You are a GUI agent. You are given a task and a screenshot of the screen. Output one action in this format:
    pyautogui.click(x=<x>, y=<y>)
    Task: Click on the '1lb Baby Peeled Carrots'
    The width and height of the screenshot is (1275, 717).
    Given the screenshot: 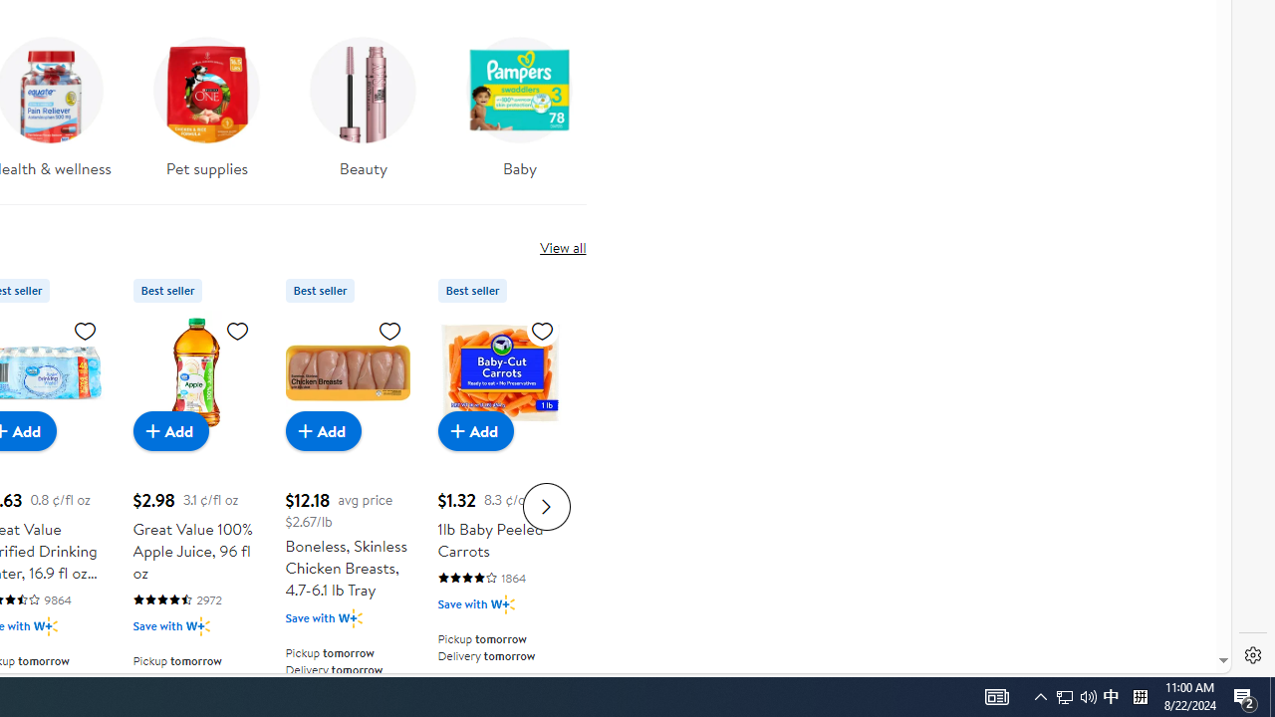 What is the action you would take?
    pyautogui.click(x=499, y=372)
    